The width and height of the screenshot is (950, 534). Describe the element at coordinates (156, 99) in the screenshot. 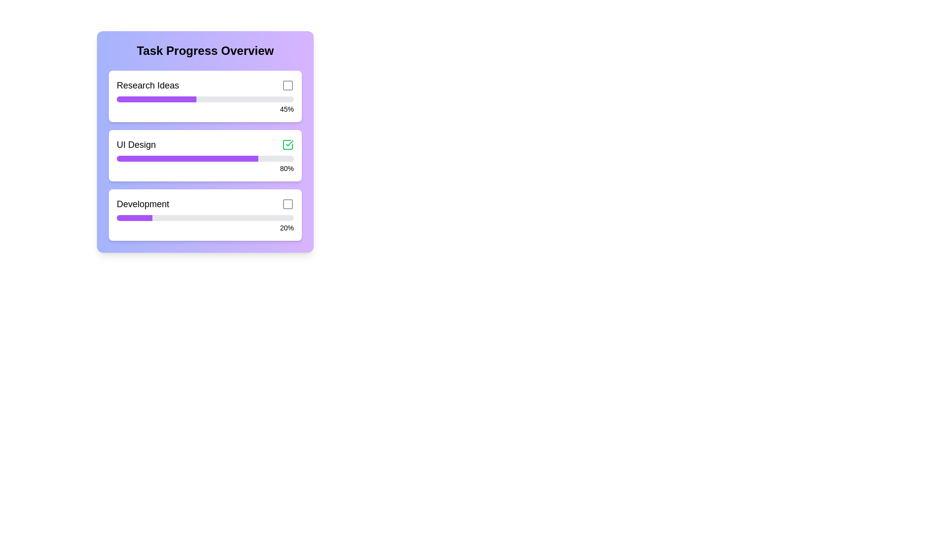

I see `the Progress indicator within the first progress bar labeled 'Research Ideas' in the 'Task Progress Overview' interface to visually check the completion percentage of the task` at that location.